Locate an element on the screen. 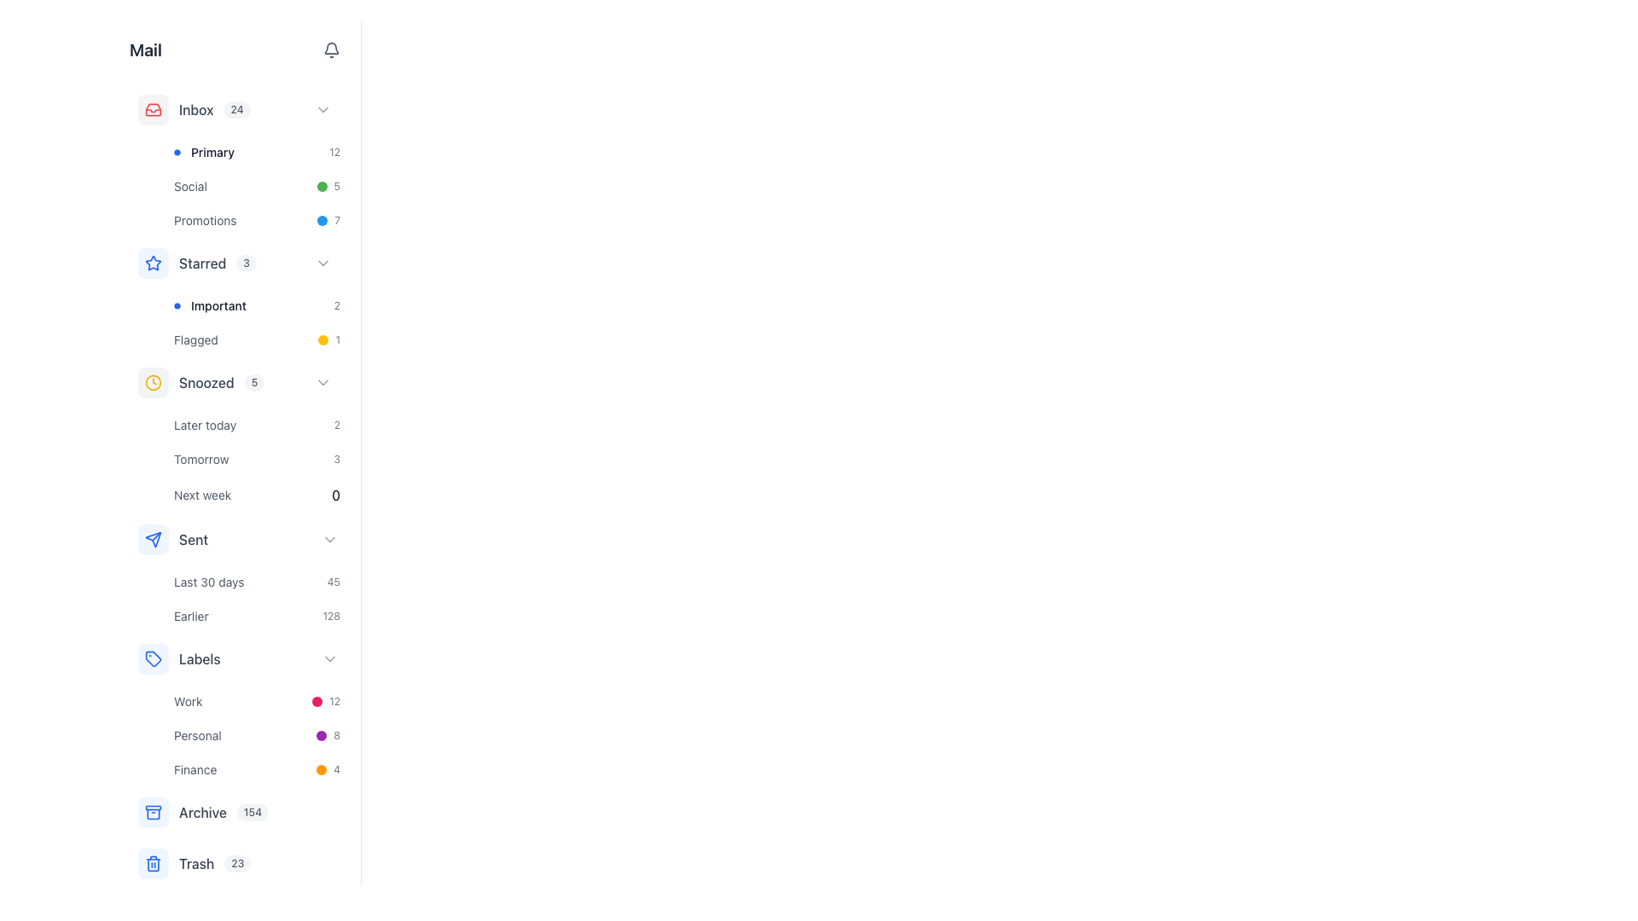 The height and width of the screenshot is (921, 1638). the category label within the 'Sent' section in the left sidebar, positioned between 'Last 30 days' and '128' is located at coordinates (191, 616).